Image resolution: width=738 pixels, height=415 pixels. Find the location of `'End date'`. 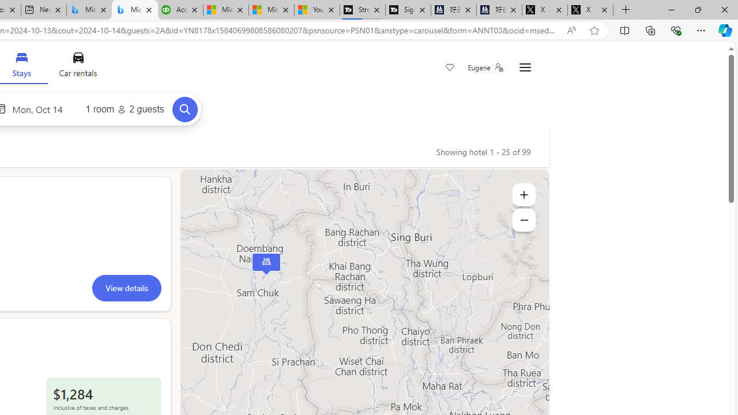

'End date' is located at coordinates (40, 109).